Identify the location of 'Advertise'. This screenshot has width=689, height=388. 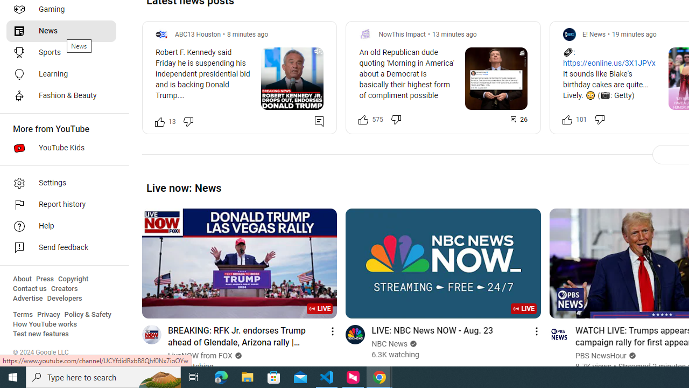
(27, 299).